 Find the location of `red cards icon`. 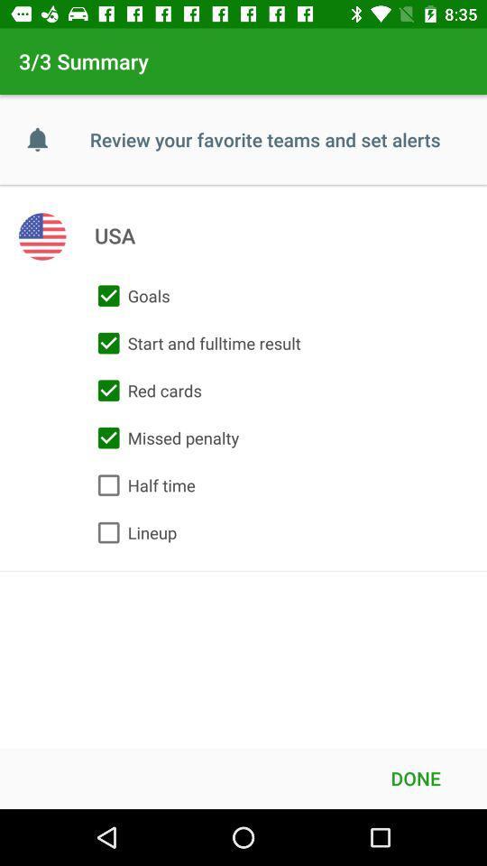

red cards icon is located at coordinates (144, 391).